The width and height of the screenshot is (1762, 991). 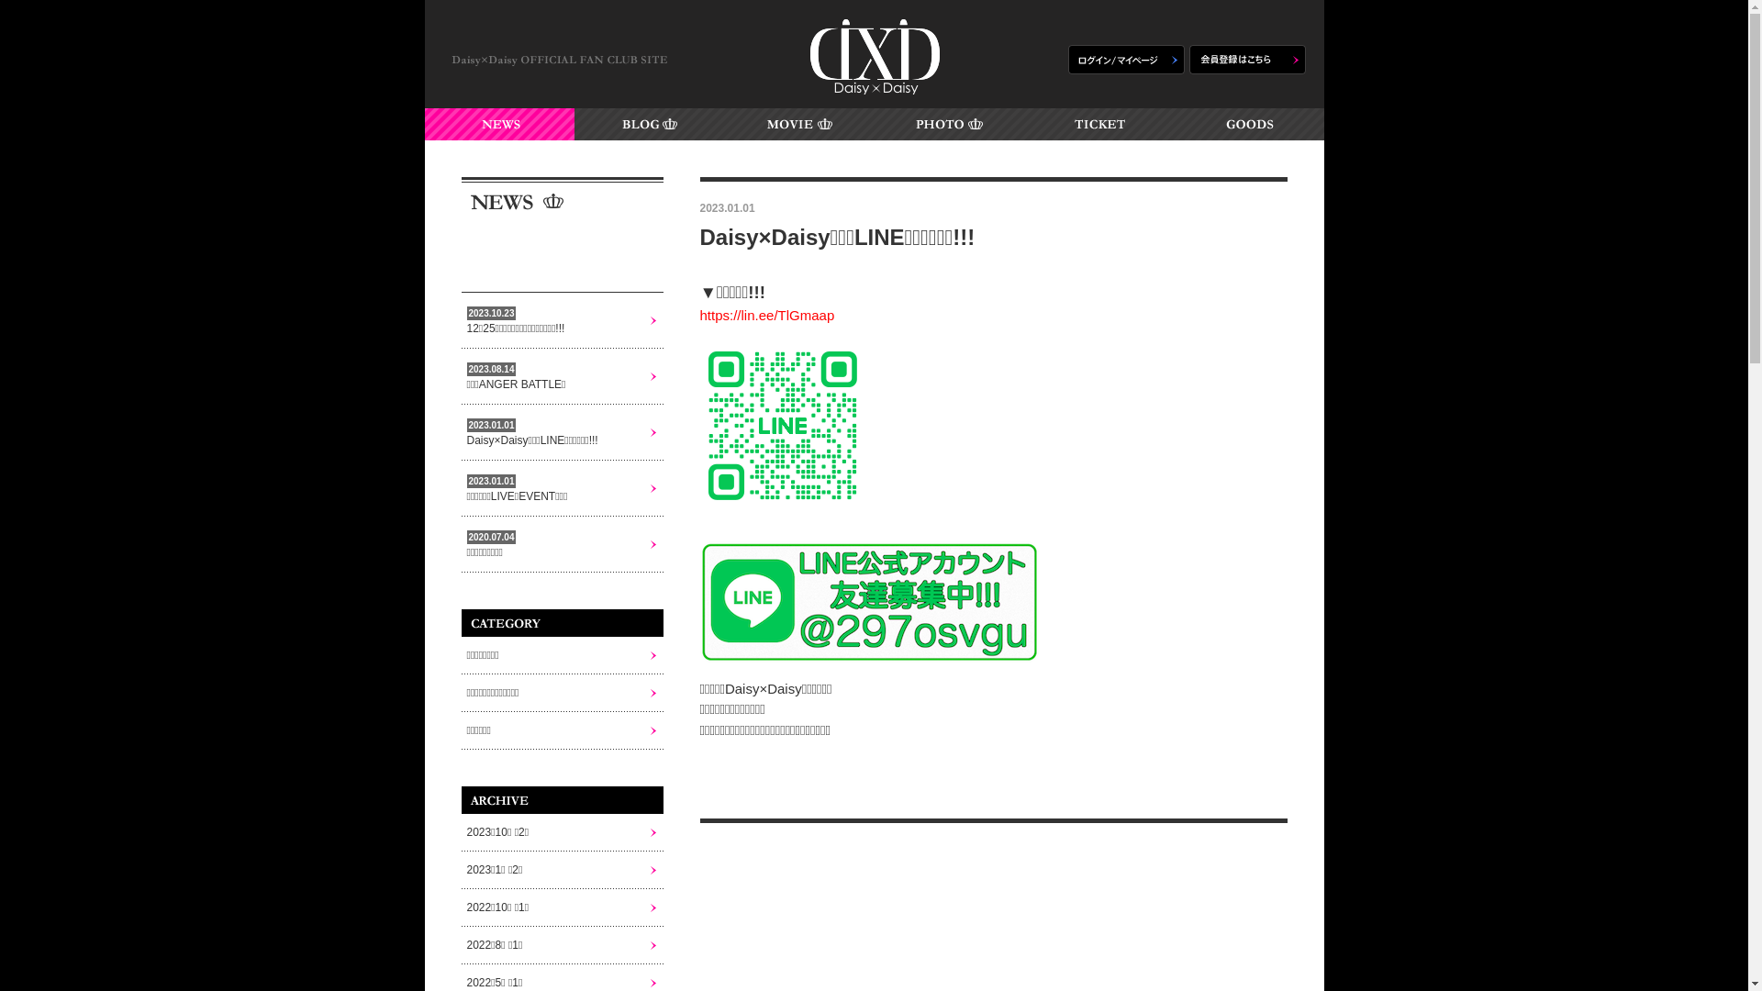 What do you see at coordinates (698, 314) in the screenshot?
I see `'https://lin.ee/TlGmaap'` at bounding box center [698, 314].